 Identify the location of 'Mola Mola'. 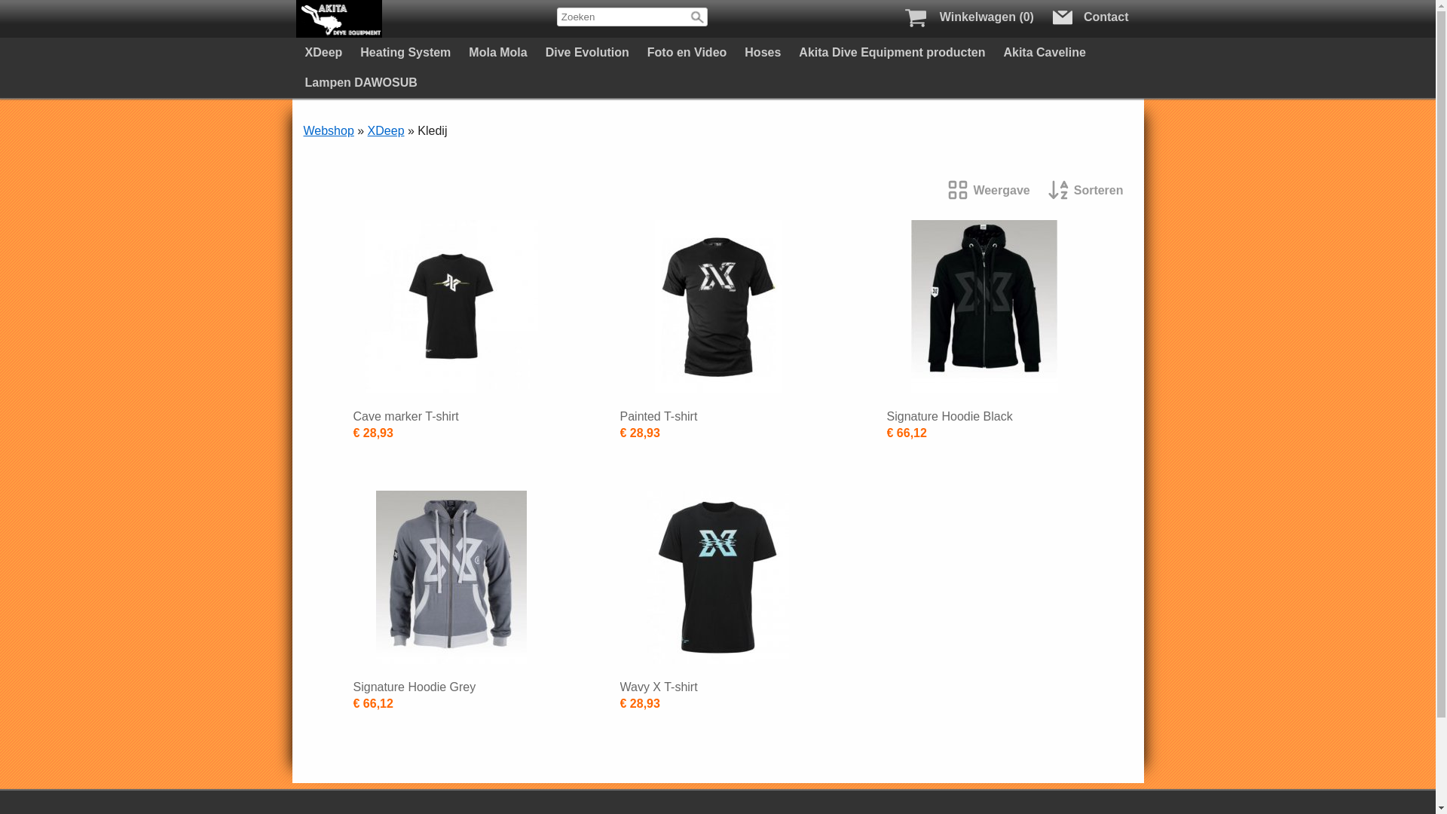
(497, 51).